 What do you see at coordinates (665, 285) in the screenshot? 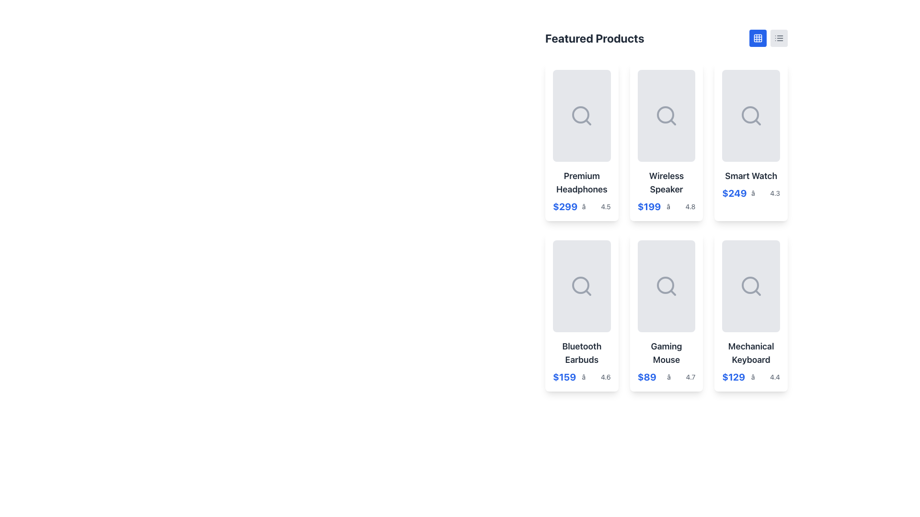
I see `the central circle of the search icon in the 'Gaming Mouse' card` at bounding box center [665, 285].